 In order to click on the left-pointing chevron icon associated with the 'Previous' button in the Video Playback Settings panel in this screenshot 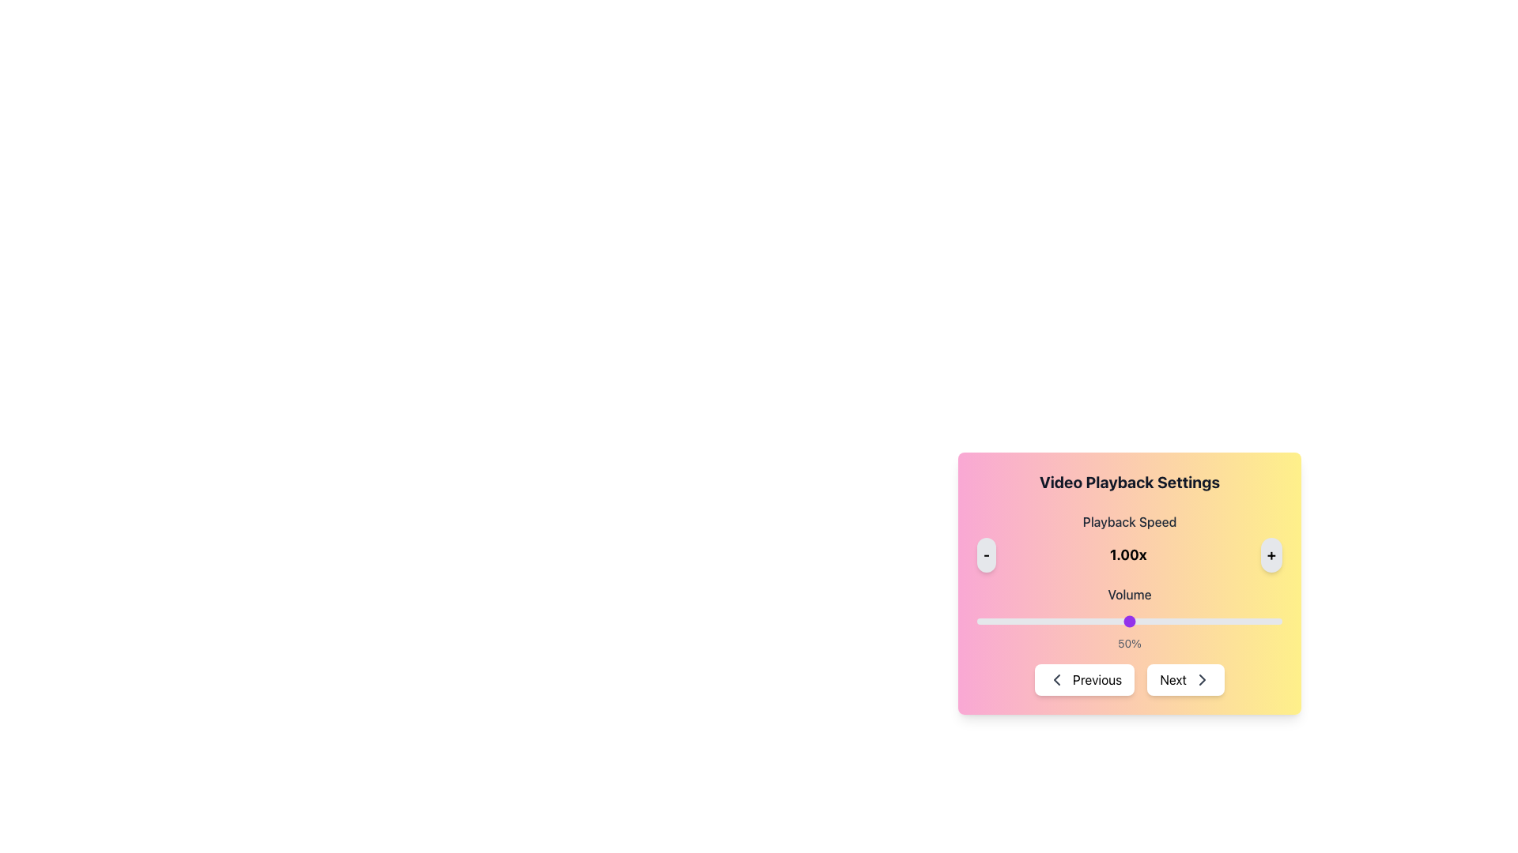, I will do `click(1057, 678)`.